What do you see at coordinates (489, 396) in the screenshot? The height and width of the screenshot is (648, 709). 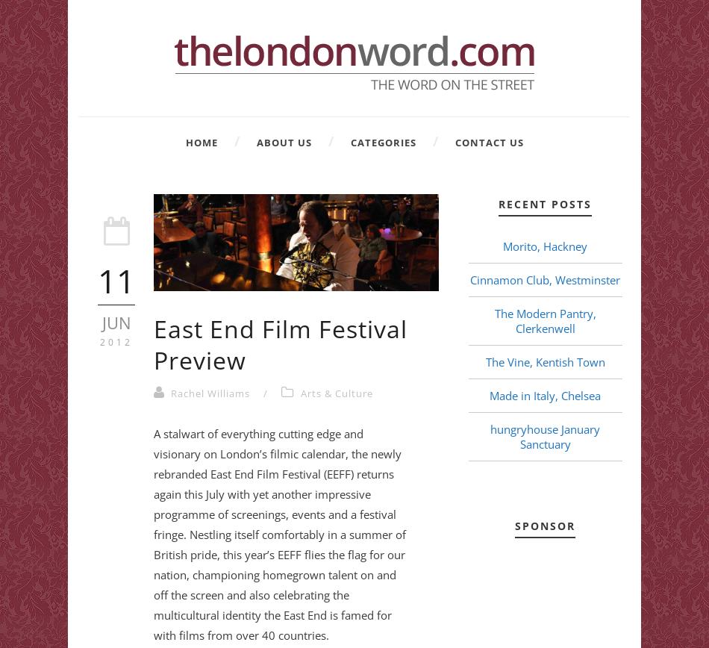 I see `'Made in Italy, Chelsea'` at bounding box center [489, 396].